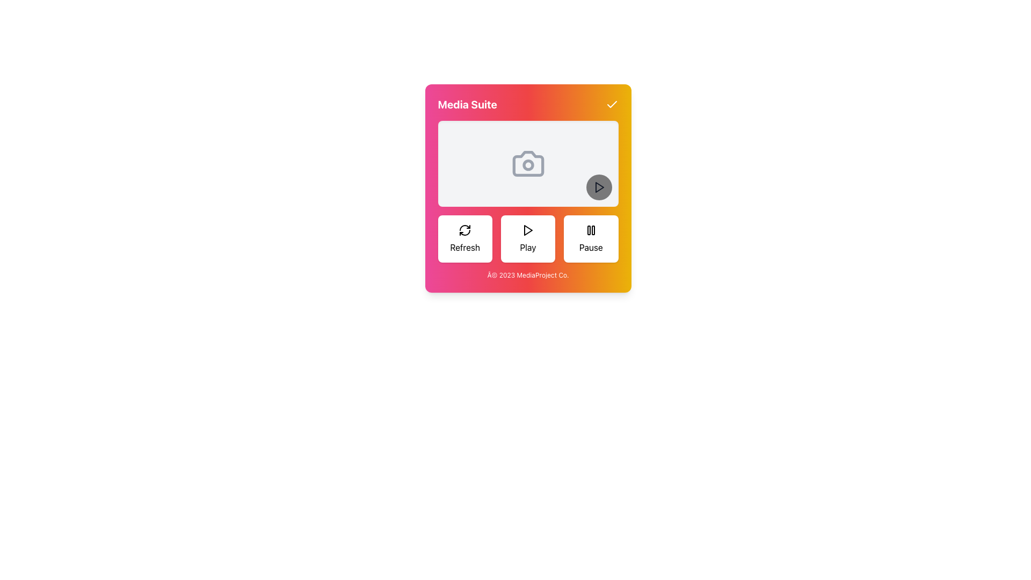 The height and width of the screenshot is (580, 1031). What do you see at coordinates (528, 163) in the screenshot?
I see `camera icon outlined in gray, centrally positioned in the upper middle of the interface, above the 'Refresh', 'Play', and 'Pause' buttons` at bounding box center [528, 163].